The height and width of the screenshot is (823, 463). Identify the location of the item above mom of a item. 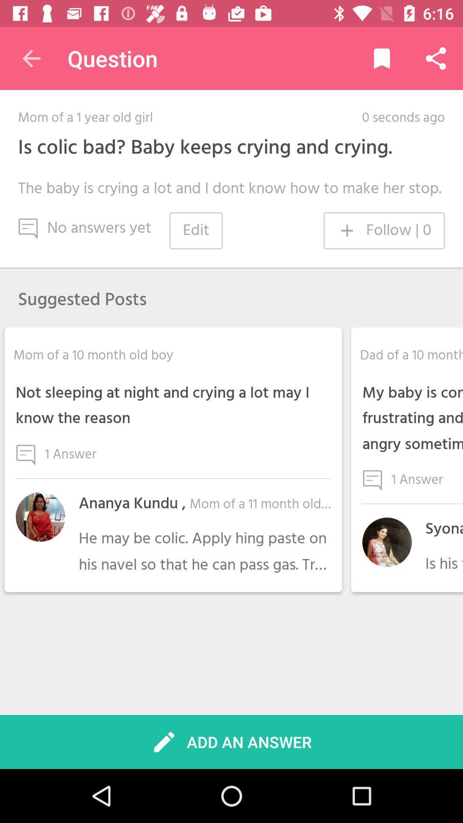
(31, 58).